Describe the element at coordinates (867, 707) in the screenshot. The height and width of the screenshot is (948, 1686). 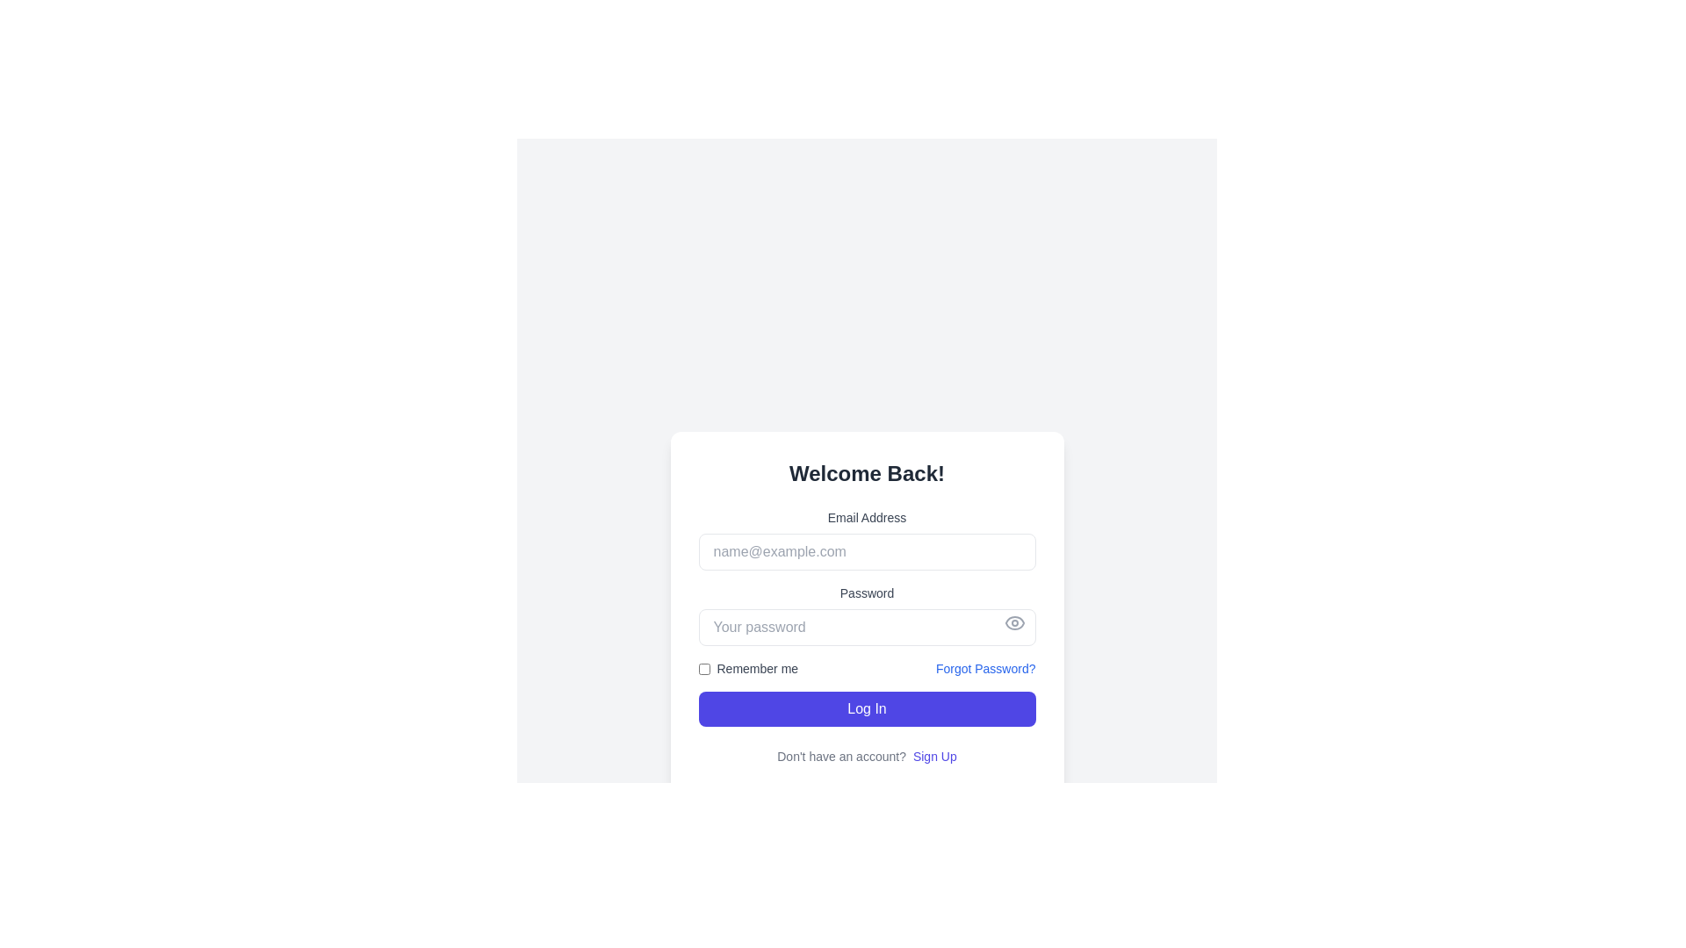
I see `the login button element located at the bottom of the login form interface` at that location.